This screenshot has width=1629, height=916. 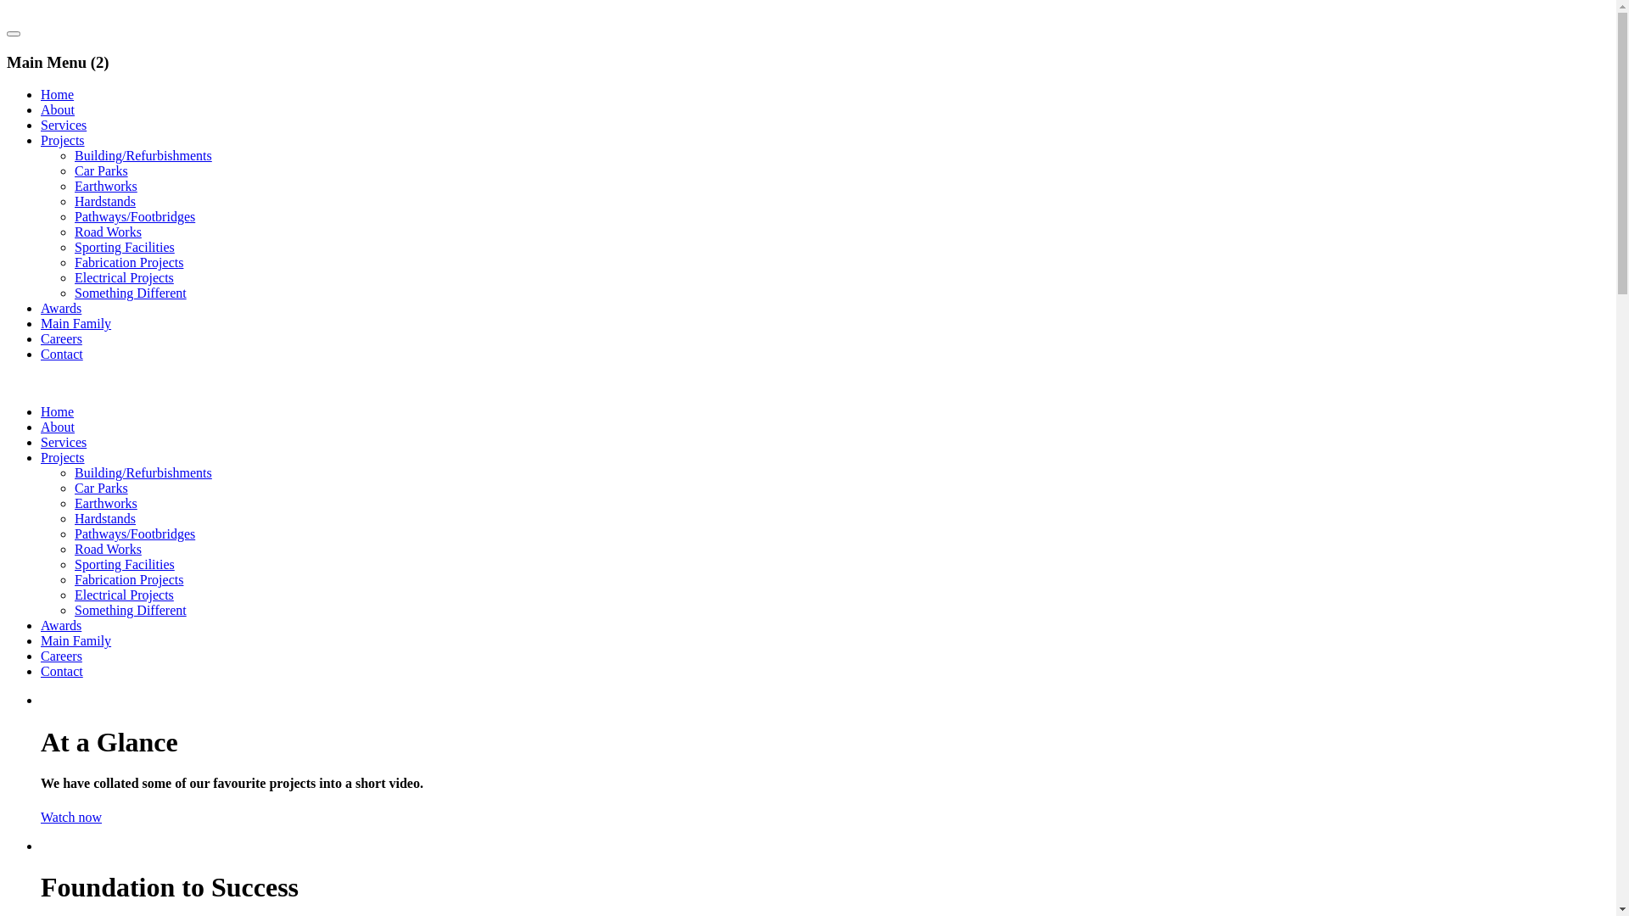 I want to click on 'Watch now', so click(x=70, y=816).